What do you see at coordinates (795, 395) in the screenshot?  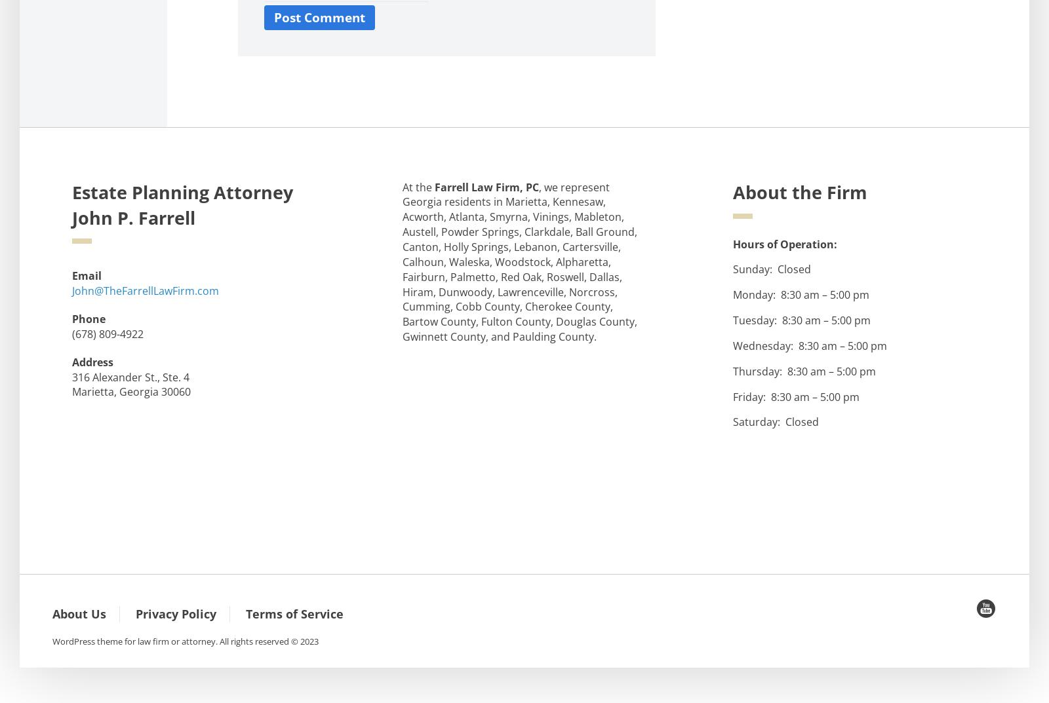 I see `'Friday:  8:30 am – 5:00 pm'` at bounding box center [795, 395].